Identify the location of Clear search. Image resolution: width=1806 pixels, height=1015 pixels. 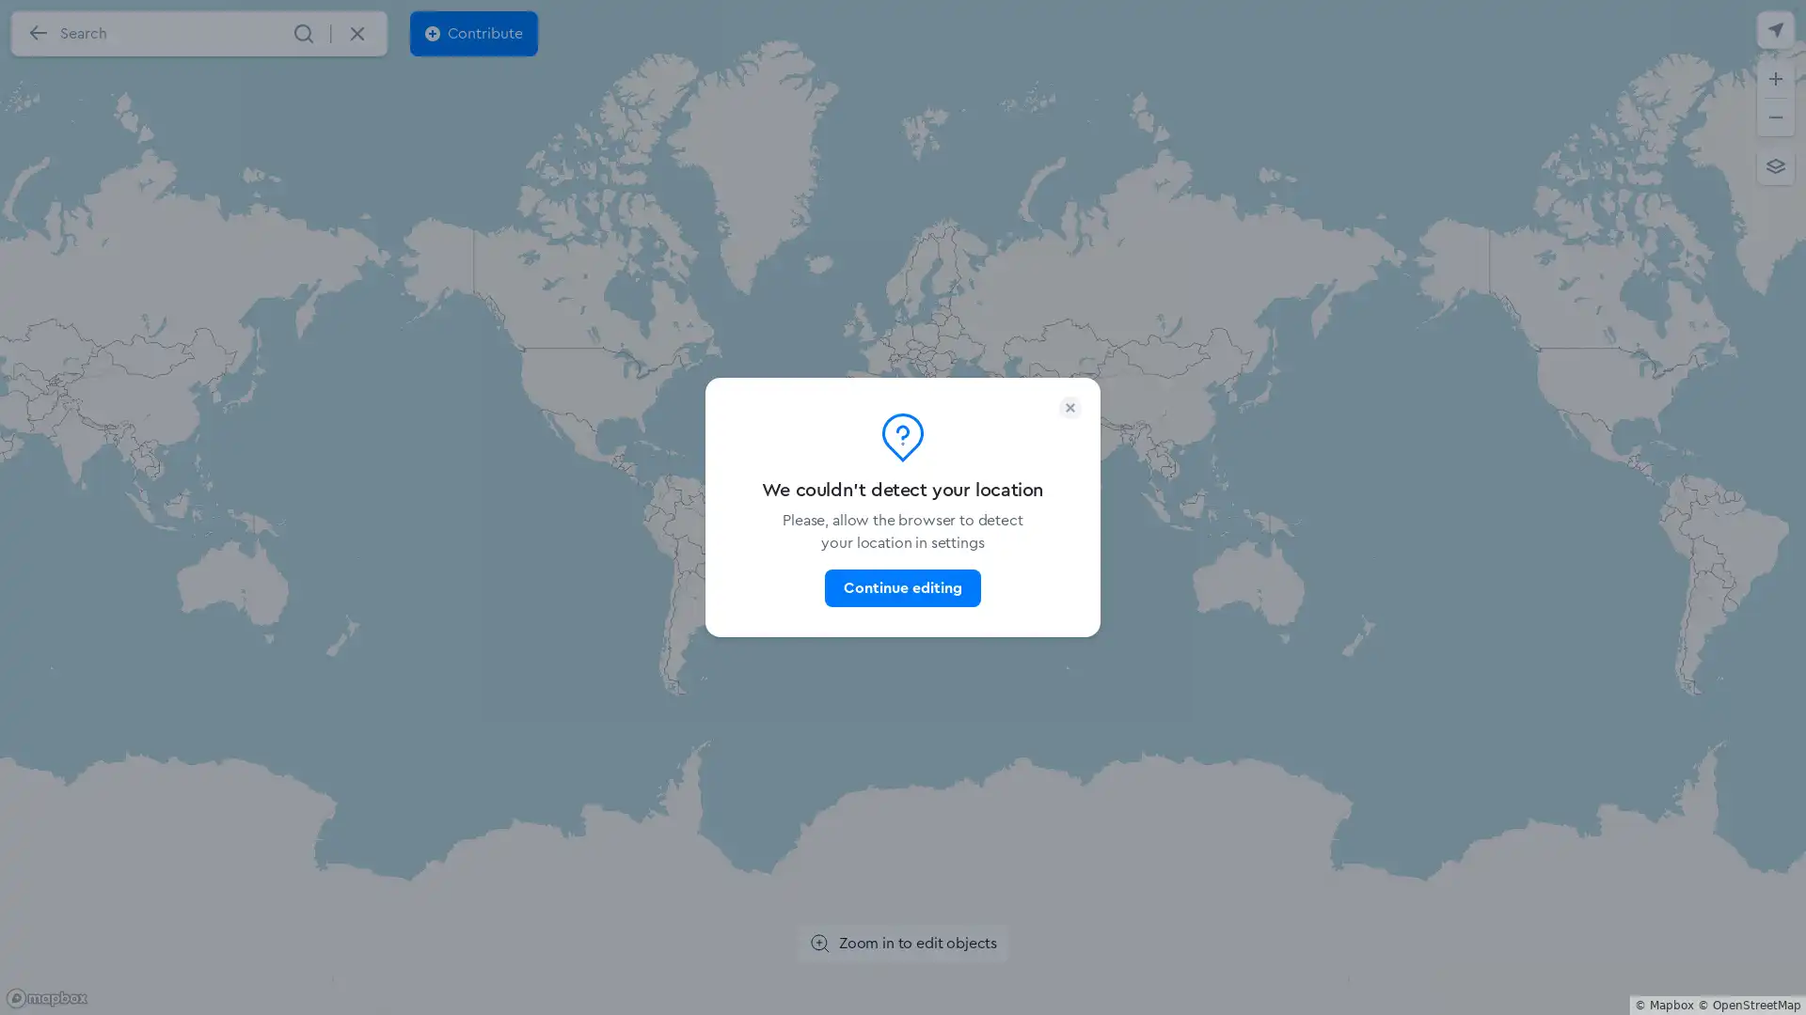
(356, 33).